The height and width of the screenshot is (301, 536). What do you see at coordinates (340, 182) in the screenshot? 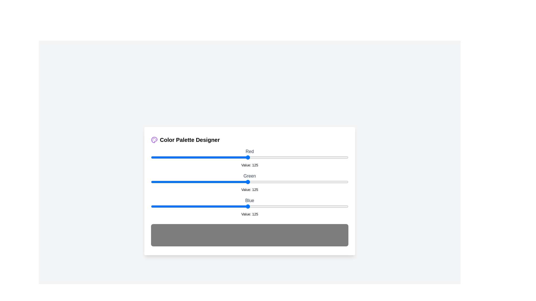
I see `the 1 slider to 245` at bounding box center [340, 182].